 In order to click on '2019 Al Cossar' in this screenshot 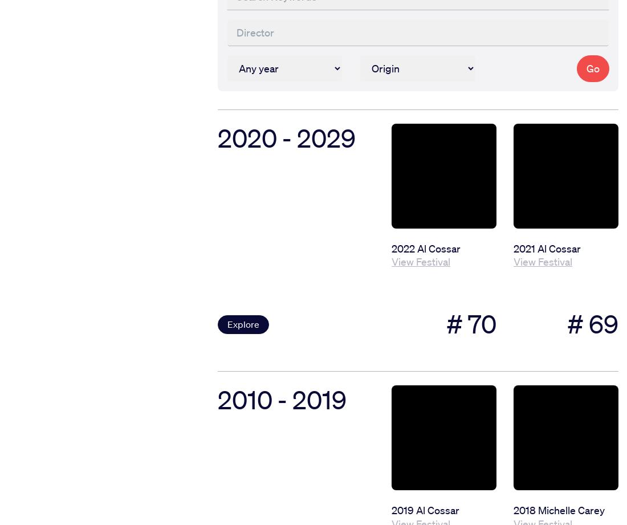, I will do `click(391, 510)`.